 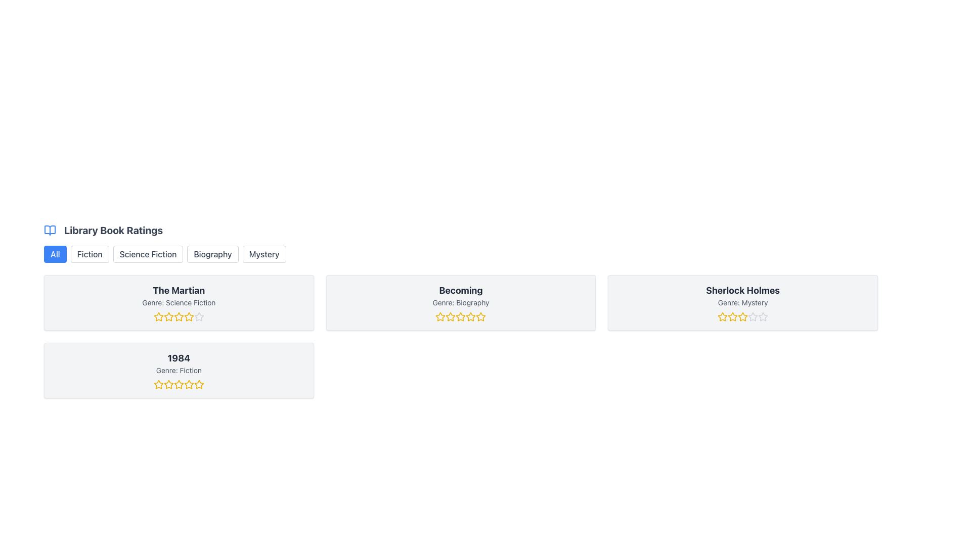 I want to click on the filter button located directly below the 'Library Book Ratings' heading, which is the first button in a horizontal row of buttons, so click(x=55, y=253).